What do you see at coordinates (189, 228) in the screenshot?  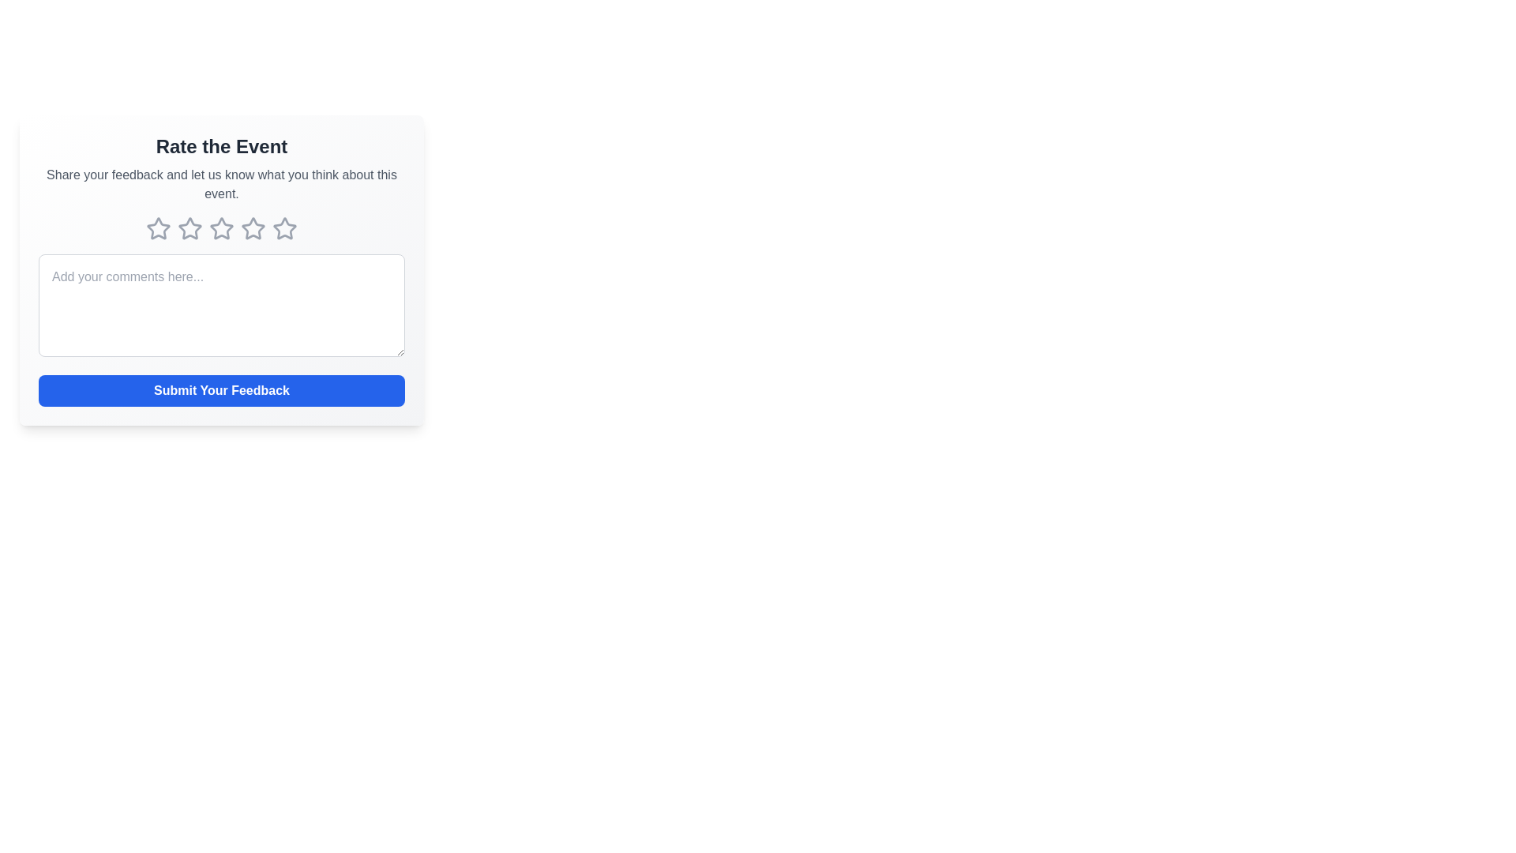 I see `the first star icon for rating, which is part of the 'Rate the Event' section` at bounding box center [189, 228].